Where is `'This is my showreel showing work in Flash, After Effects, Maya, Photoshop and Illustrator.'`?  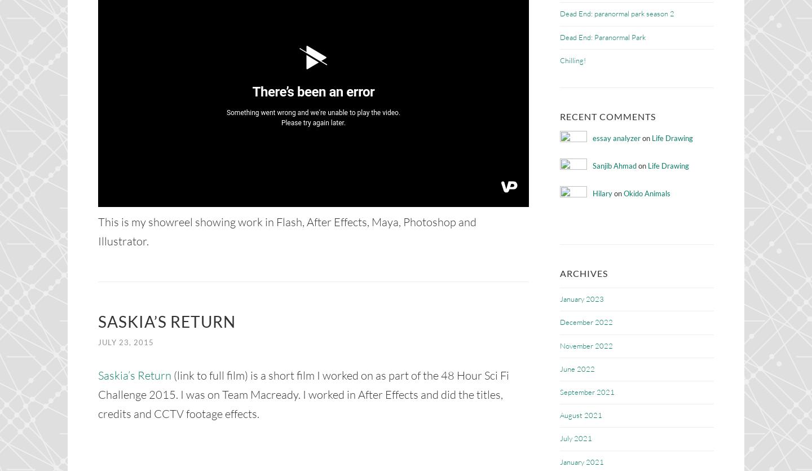 'This is my showreel showing work in Flash, After Effects, Maya, Photoshop and Illustrator.' is located at coordinates (286, 231).